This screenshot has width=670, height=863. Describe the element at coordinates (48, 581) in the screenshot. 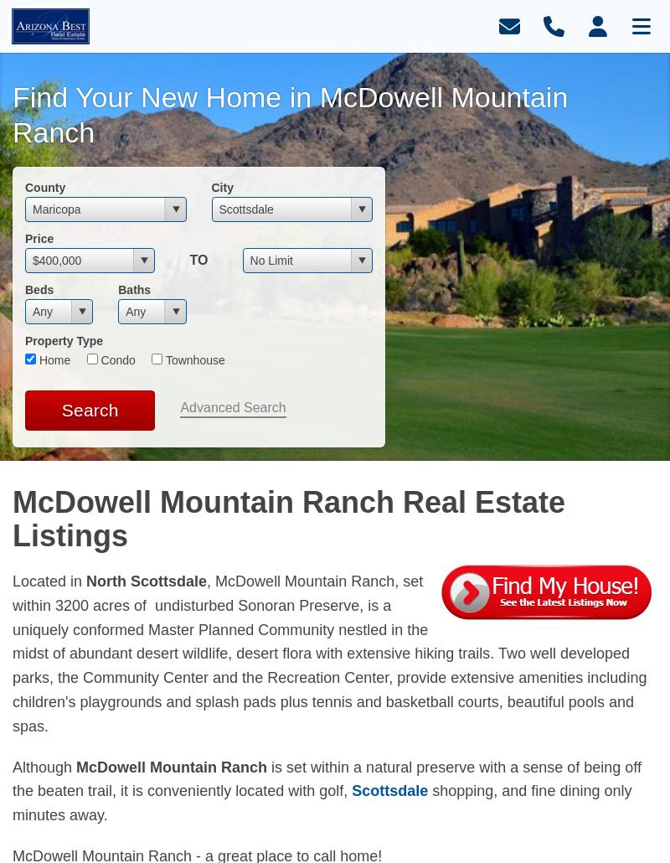

I see `'Located in'` at that location.